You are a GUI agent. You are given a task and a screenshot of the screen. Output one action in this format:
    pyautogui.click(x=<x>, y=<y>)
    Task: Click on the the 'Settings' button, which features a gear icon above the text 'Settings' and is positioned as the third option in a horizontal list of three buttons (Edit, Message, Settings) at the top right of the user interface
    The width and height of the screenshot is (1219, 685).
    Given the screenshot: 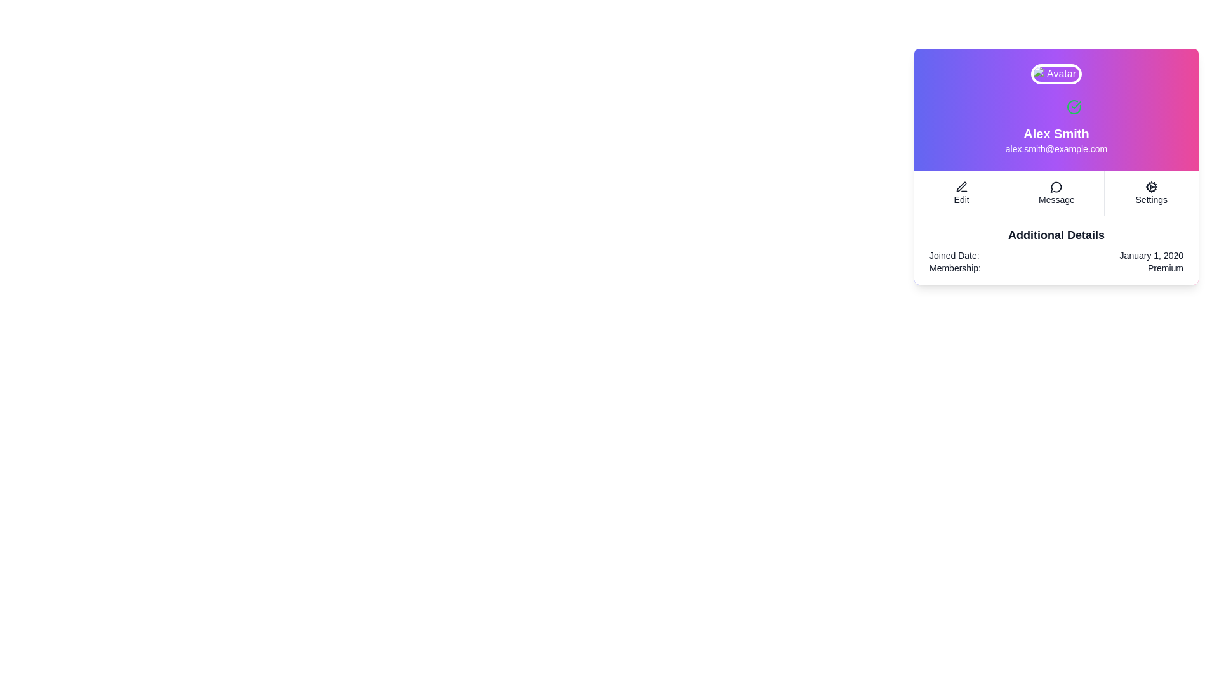 What is the action you would take?
    pyautogui.click(x=1151, y=193)
    